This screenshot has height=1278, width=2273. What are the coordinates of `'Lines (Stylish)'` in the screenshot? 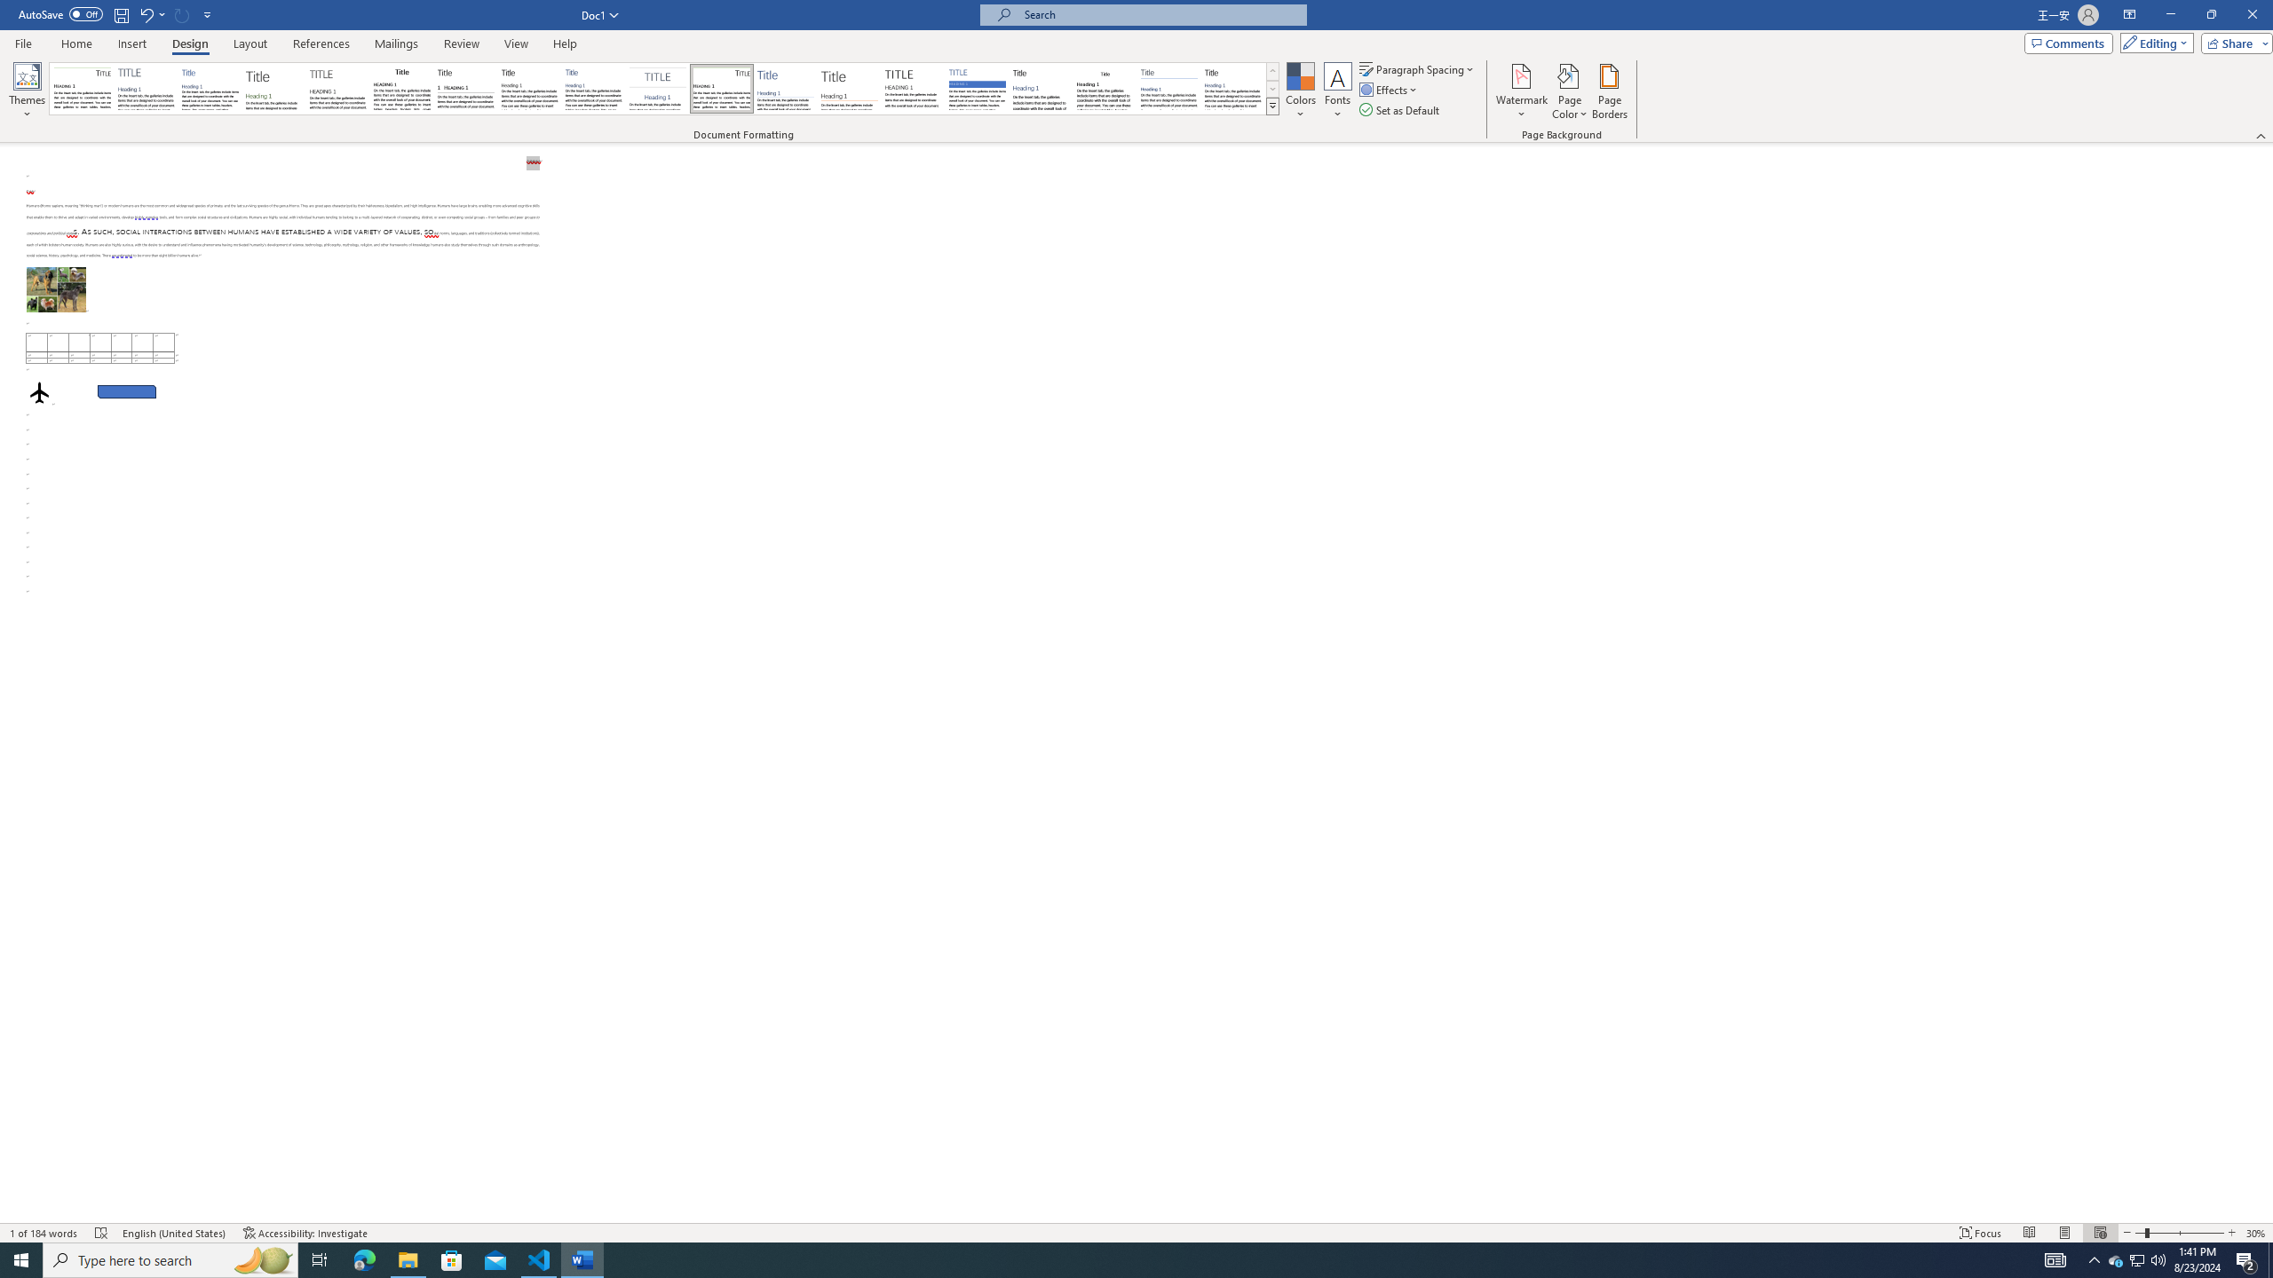 It's located at (850, 88).